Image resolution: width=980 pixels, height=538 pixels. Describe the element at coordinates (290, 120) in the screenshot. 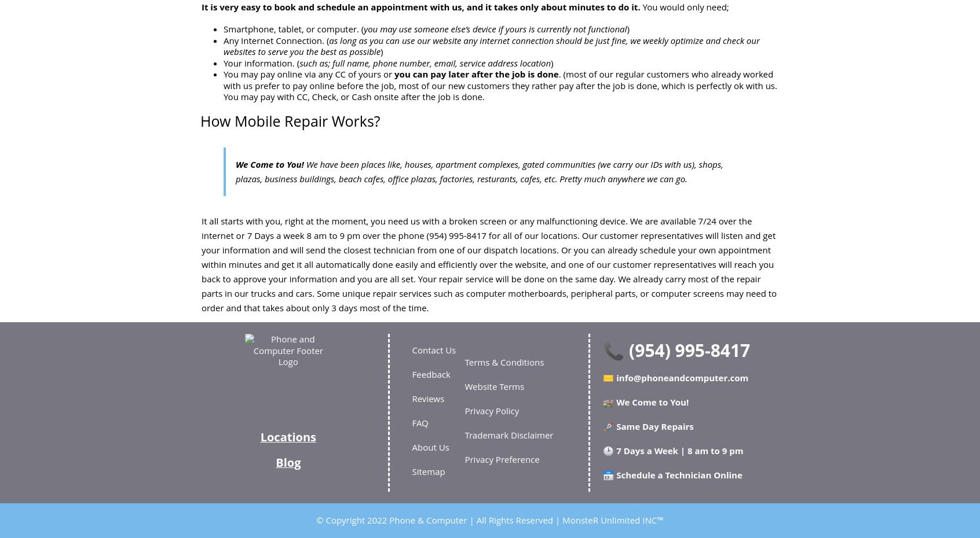

I see `'How Mobile Repair Works?'` at that location.